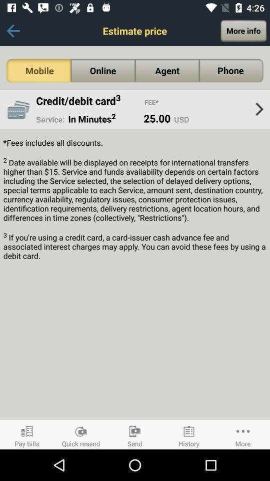  Describe the element at coordinates (179, 119) in the screenshot. I see `usd icon` at that location.